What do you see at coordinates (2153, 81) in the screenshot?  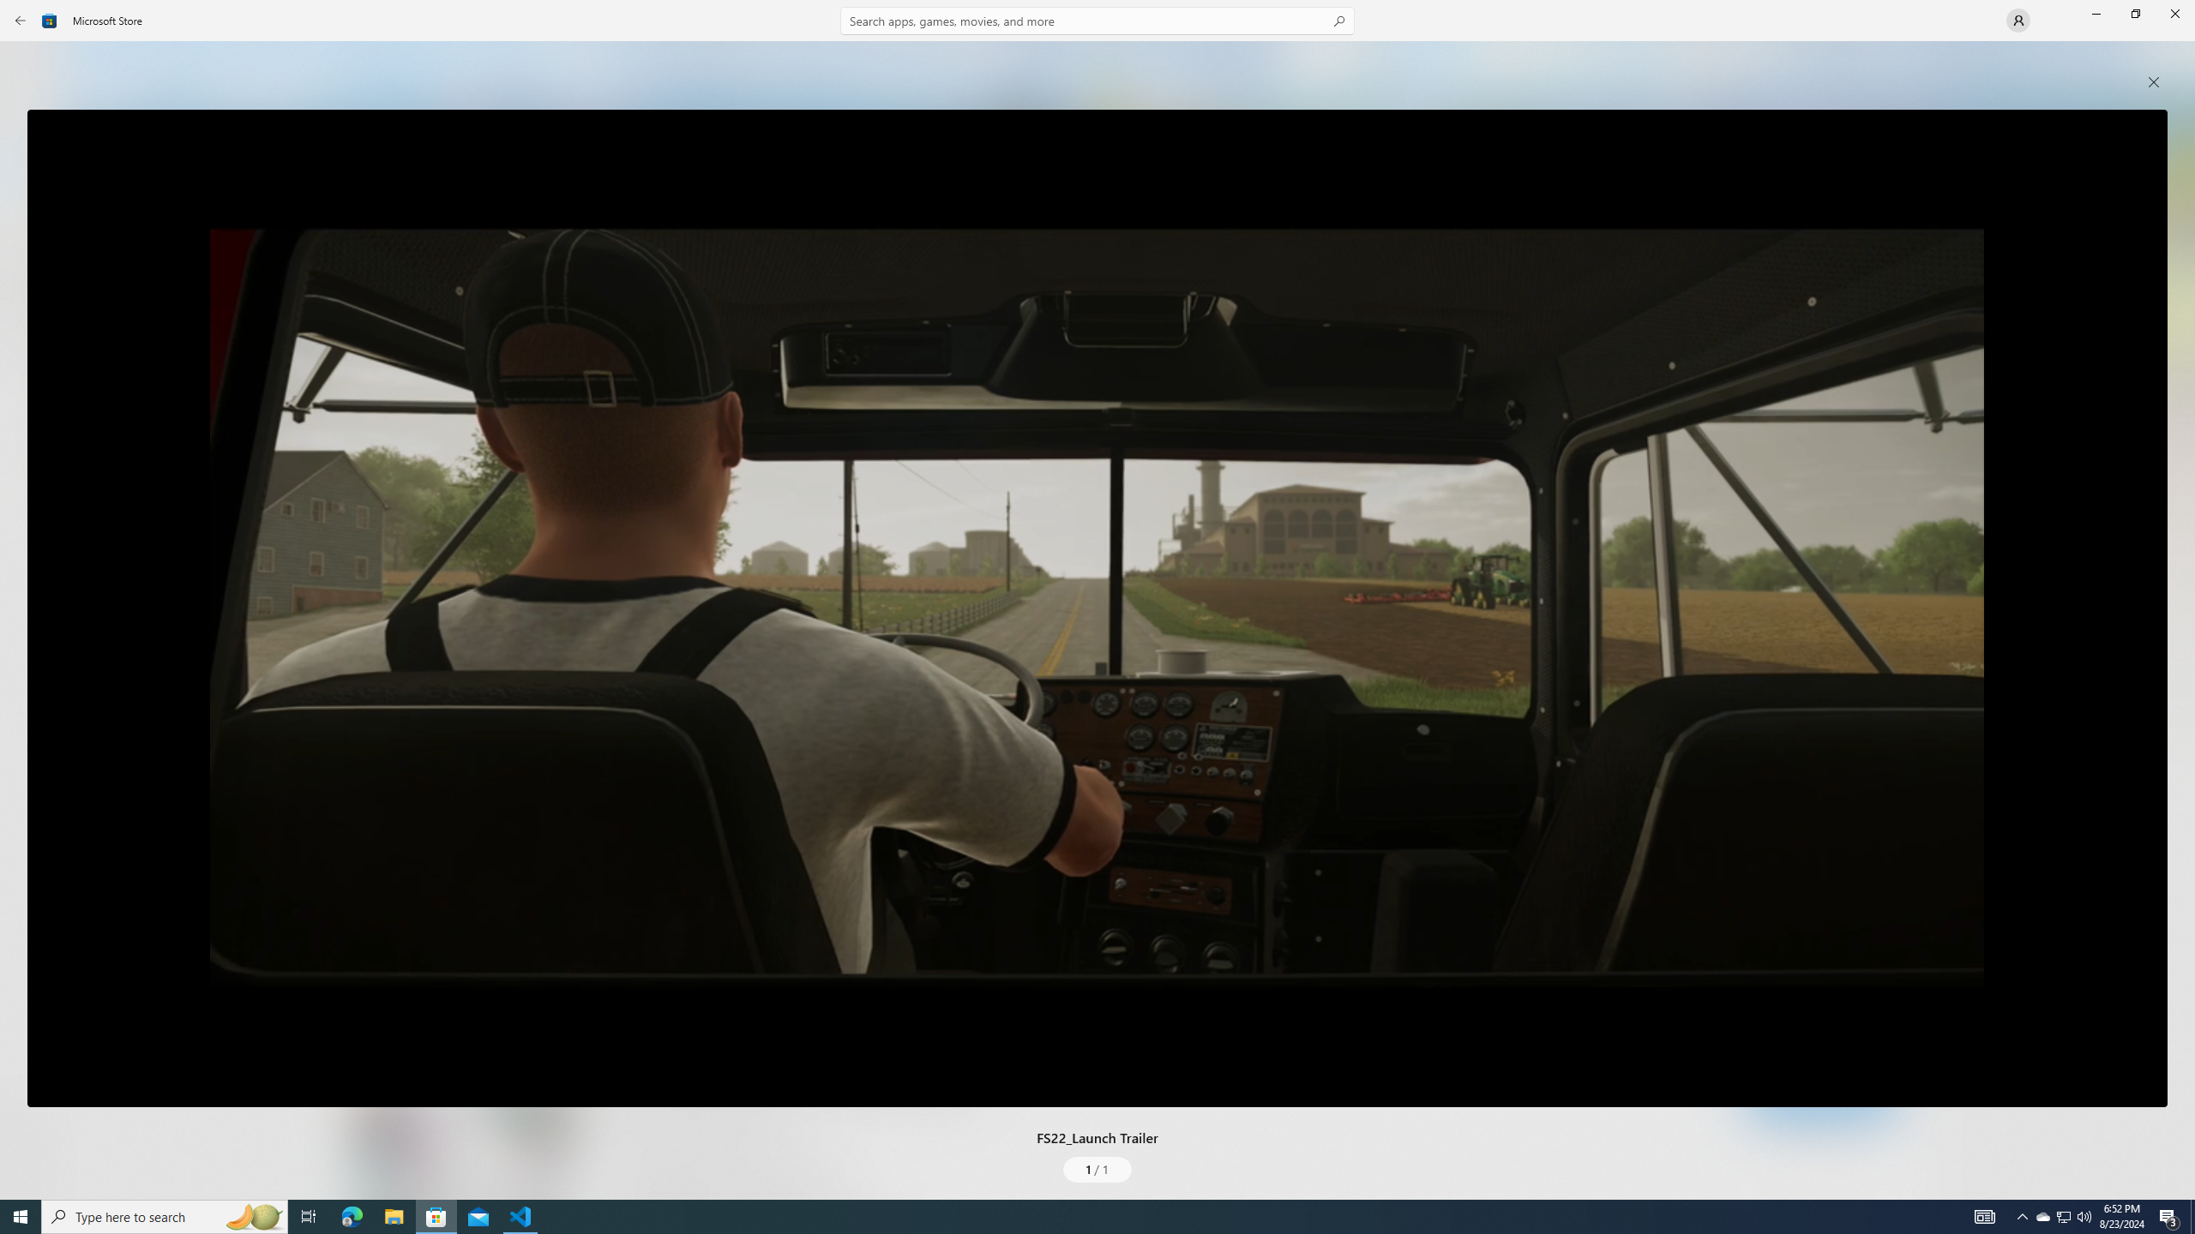 I see `'close popup window'` at bounding box center [2153, 81].